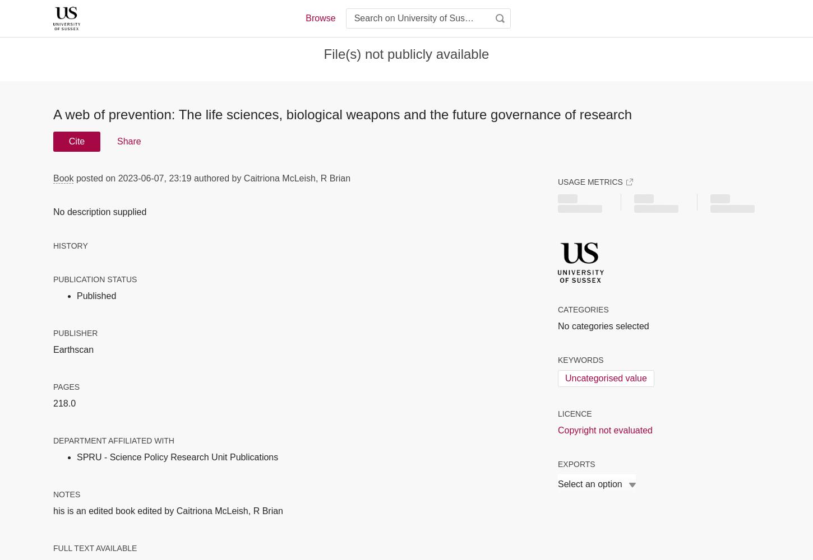 This screenshot has width=813, height=560. I want to click on 'his is an edited book edited by Caitriona McLeish, R Brian', so click(53, 510).